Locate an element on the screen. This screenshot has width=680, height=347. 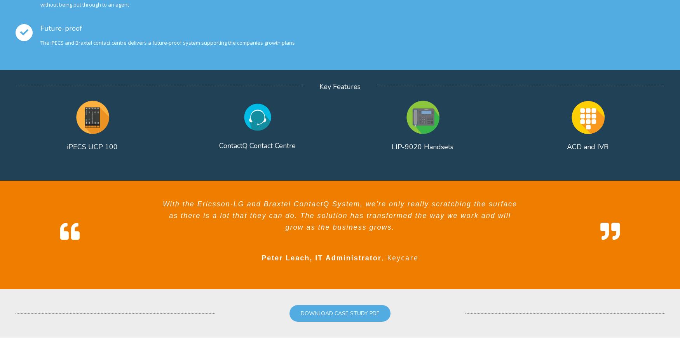
'iPECS UCP 100' is located at coordinates (92, 146).